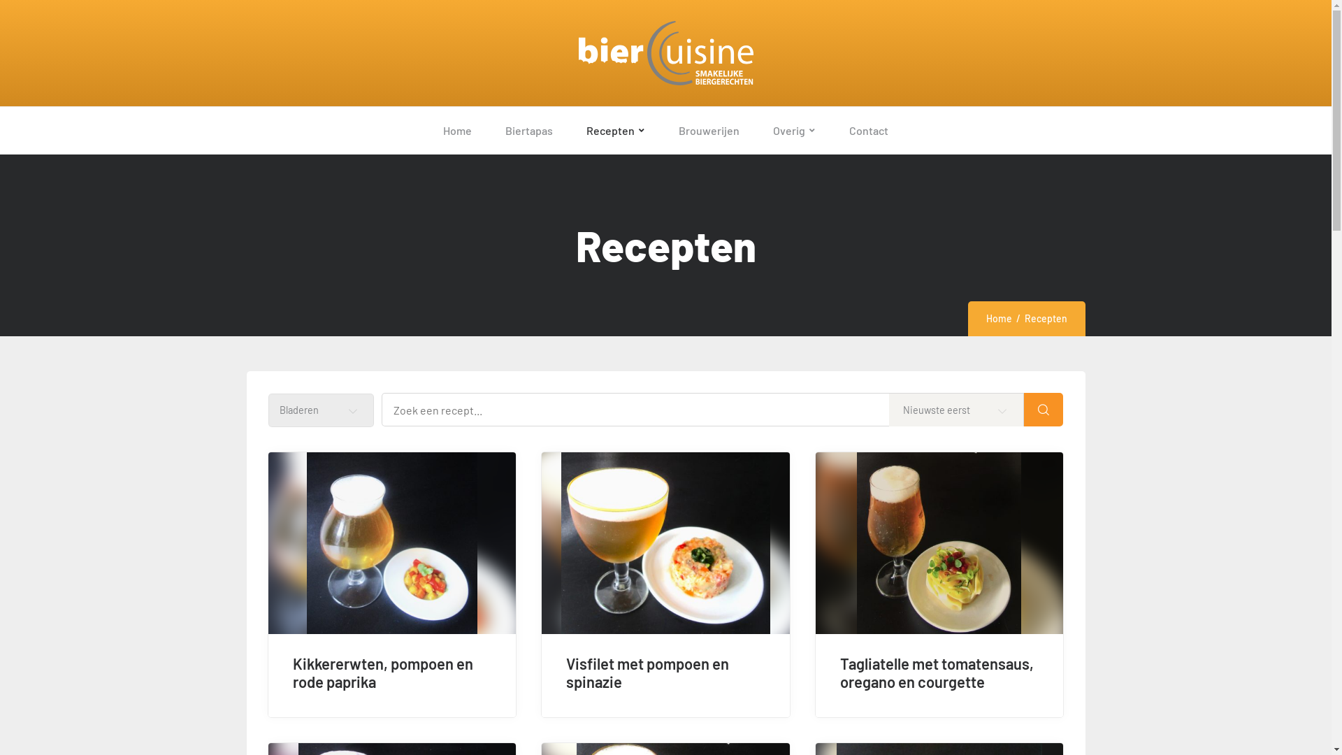 The width and height of the screenshot is (1342, 755). What do you see at coordinates (794, 130) in the screenshot?
I see `'Overig'` at bounding box center [794, 130].